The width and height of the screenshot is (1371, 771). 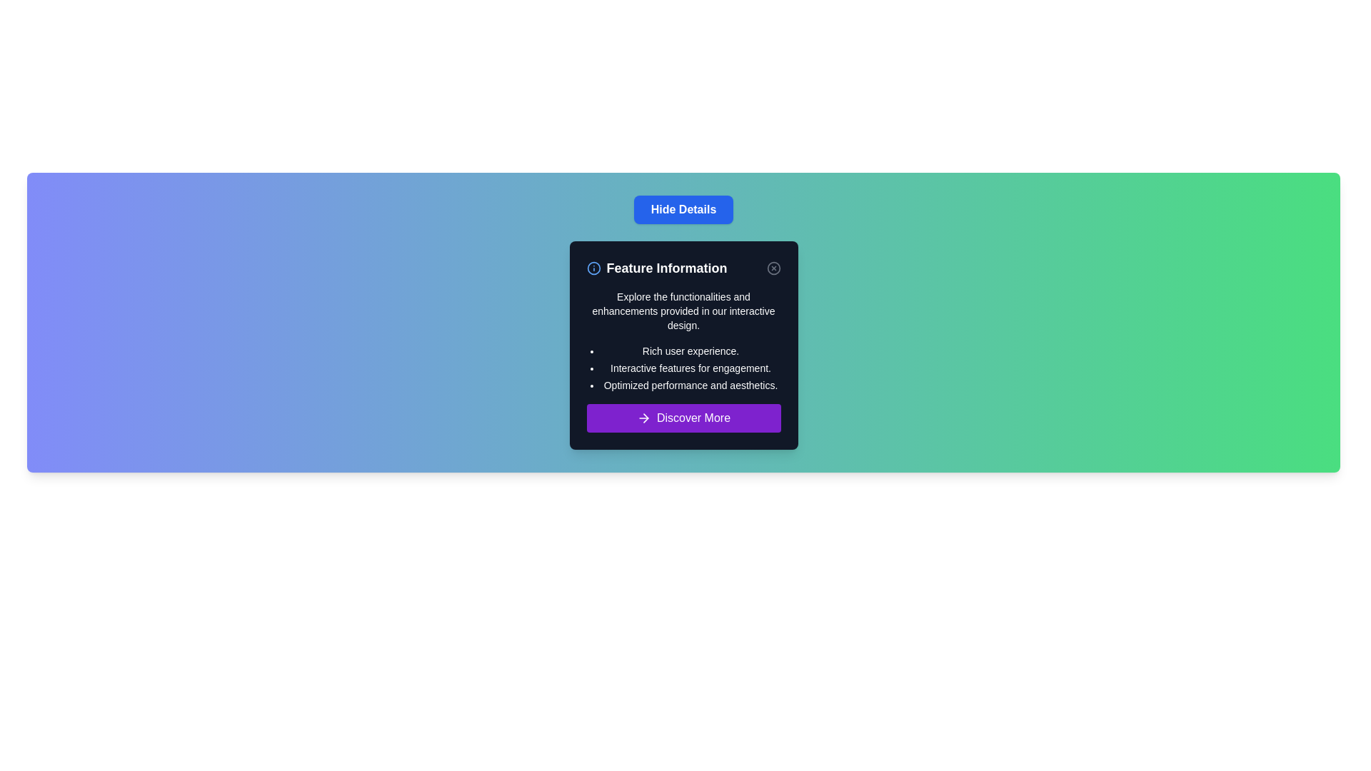 What do you see at coordinates (683, 268) in the screenshot?
I see `the text header at the center of the card` at bounding box center [683, 268].